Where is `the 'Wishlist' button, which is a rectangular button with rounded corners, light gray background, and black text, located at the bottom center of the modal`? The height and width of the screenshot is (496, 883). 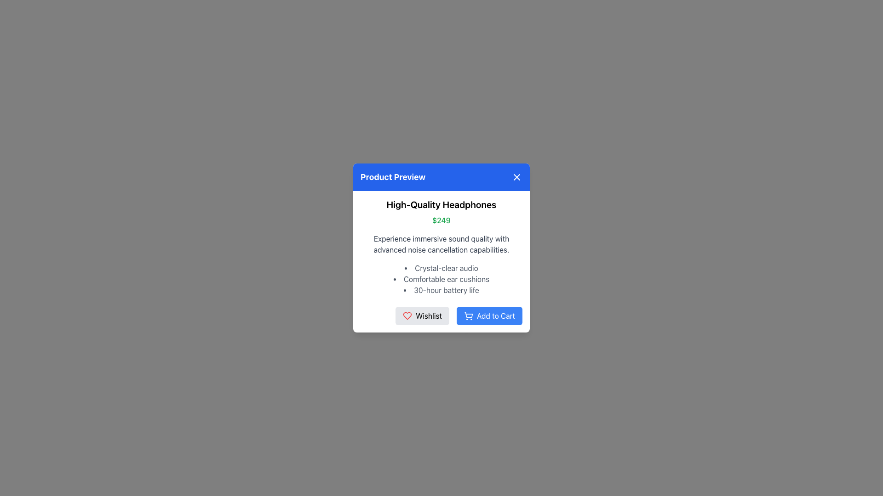 the 'Wishlist' button, which is a rectangular button with rounded corners, light gray background, and black text, located at the bottom center of the modal is located at coordinates (422, 315).